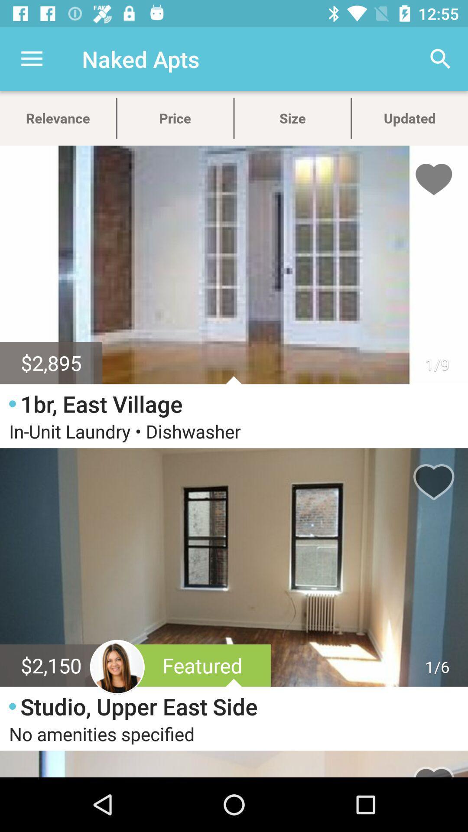 The height and width of the screenshot is (832, 468). What do you see at coordinates (292, 118) in the screenshot?
I see `size` at bounding box center [292, 118].